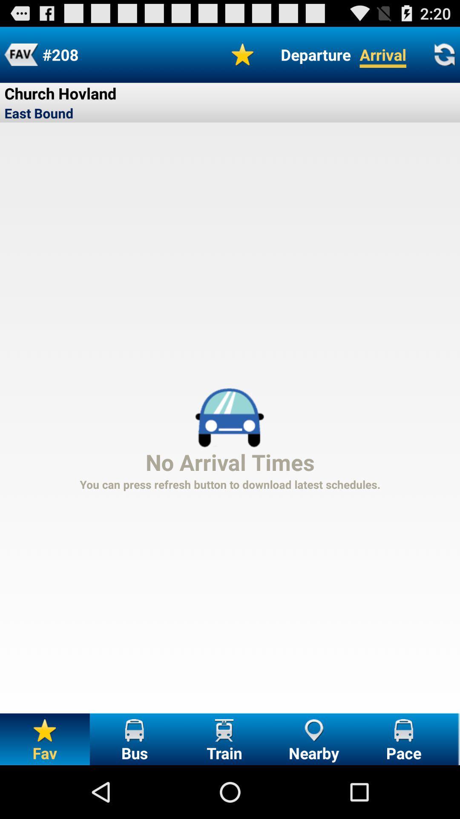 This screenshot has width=460, height=819. I want to click on restart, so click(444, 54).